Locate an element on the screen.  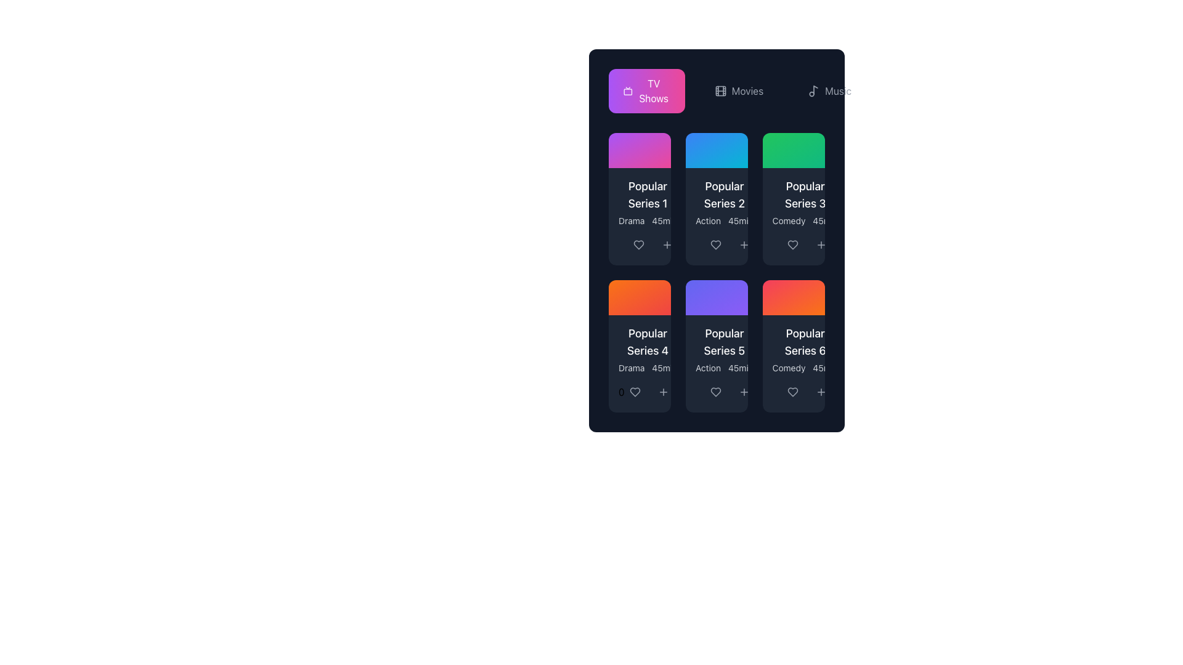
the text label containing 'Popular Series 6', a category descriptor 'Comedy', and the duration '45min', located in the bottom-right corner of the grid structure is located at coordinates (794, 349).